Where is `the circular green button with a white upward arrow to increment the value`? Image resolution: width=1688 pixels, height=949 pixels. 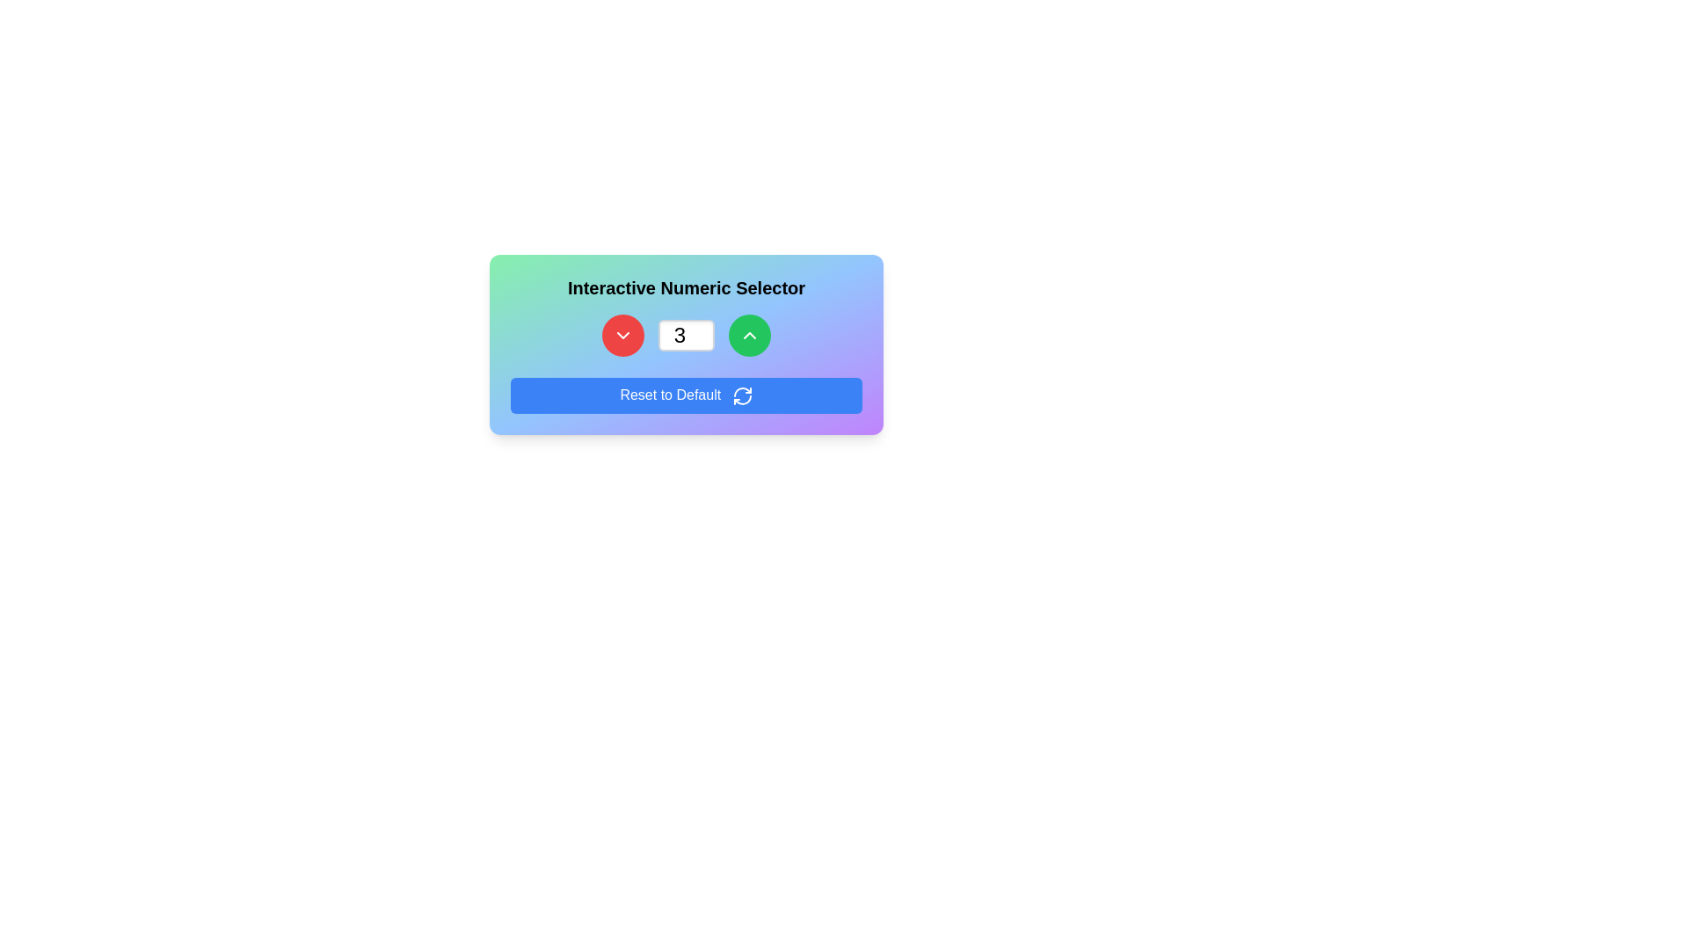
the circular green button with a white upward arrow to increment the value is located at coordinates (750, 335).